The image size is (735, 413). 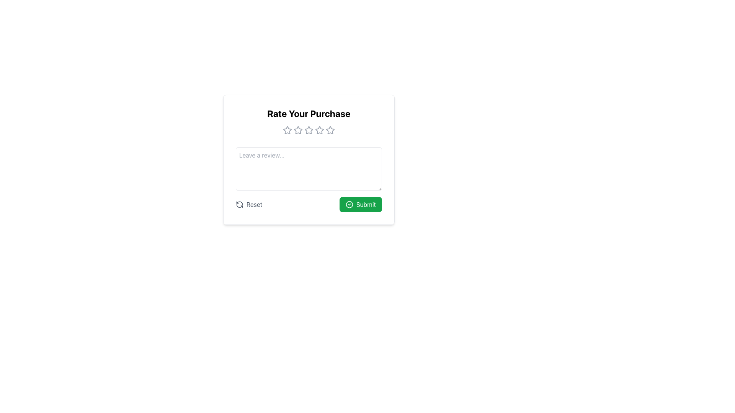 What do you see at coordinates (309, 130) in the screenshot?
I see `the third star icon in the rating component` at bounding box center [309, 130].